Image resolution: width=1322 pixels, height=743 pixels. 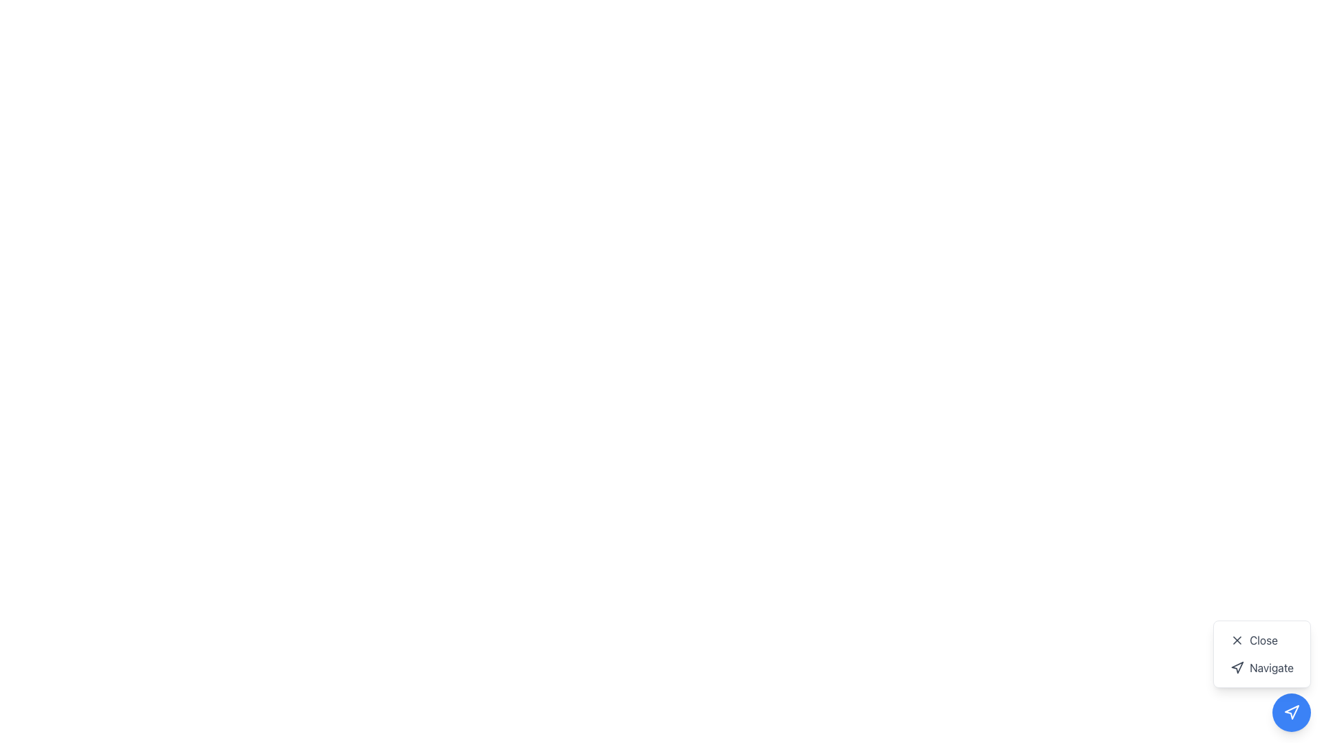 I want to click on the navigation icon located at the bottom-right corner of the view, so click(x=1291, y=712).